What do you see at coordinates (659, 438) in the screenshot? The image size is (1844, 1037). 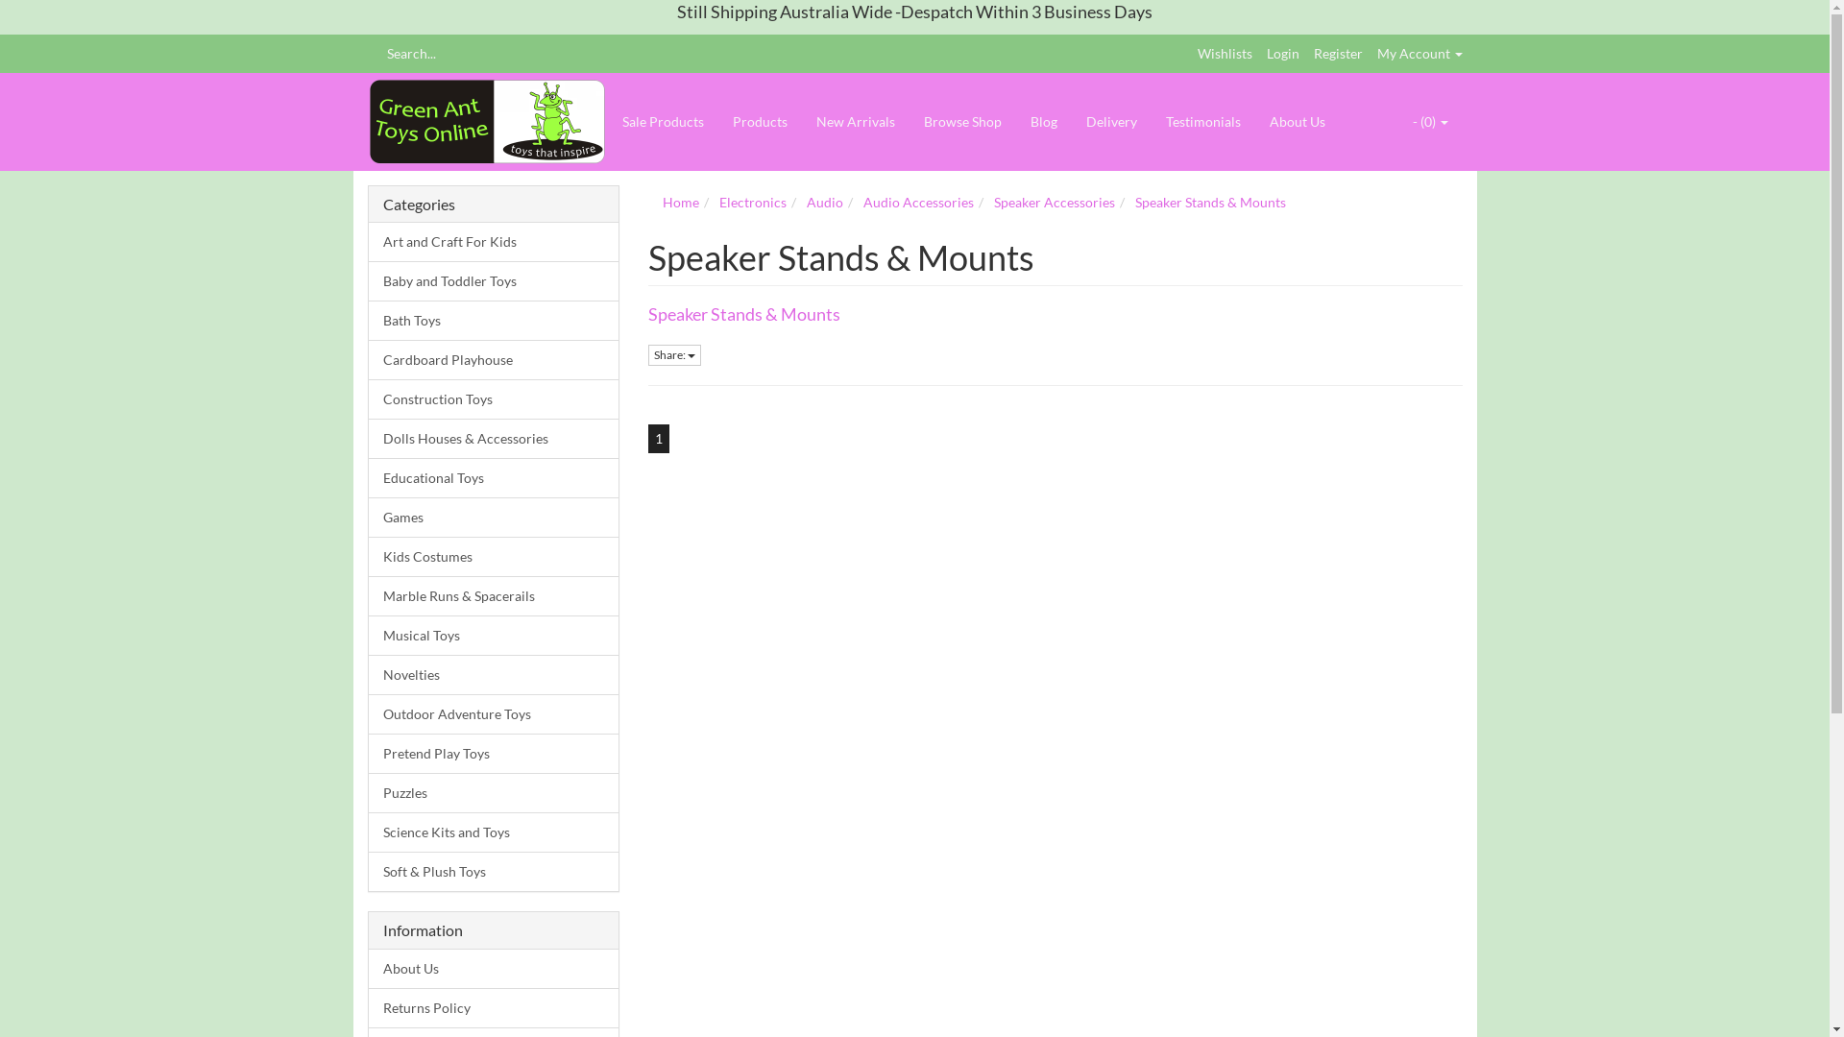 I see `'1'` at bounding box center [659, 438].